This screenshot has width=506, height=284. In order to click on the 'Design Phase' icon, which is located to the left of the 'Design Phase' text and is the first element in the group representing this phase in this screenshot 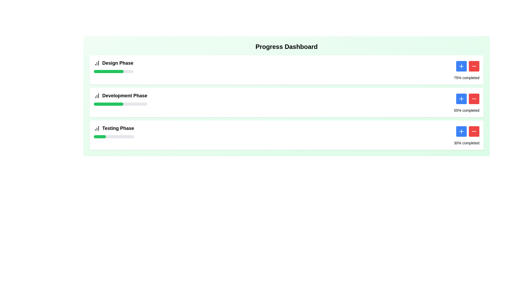, I will do `click(97, 63)`.